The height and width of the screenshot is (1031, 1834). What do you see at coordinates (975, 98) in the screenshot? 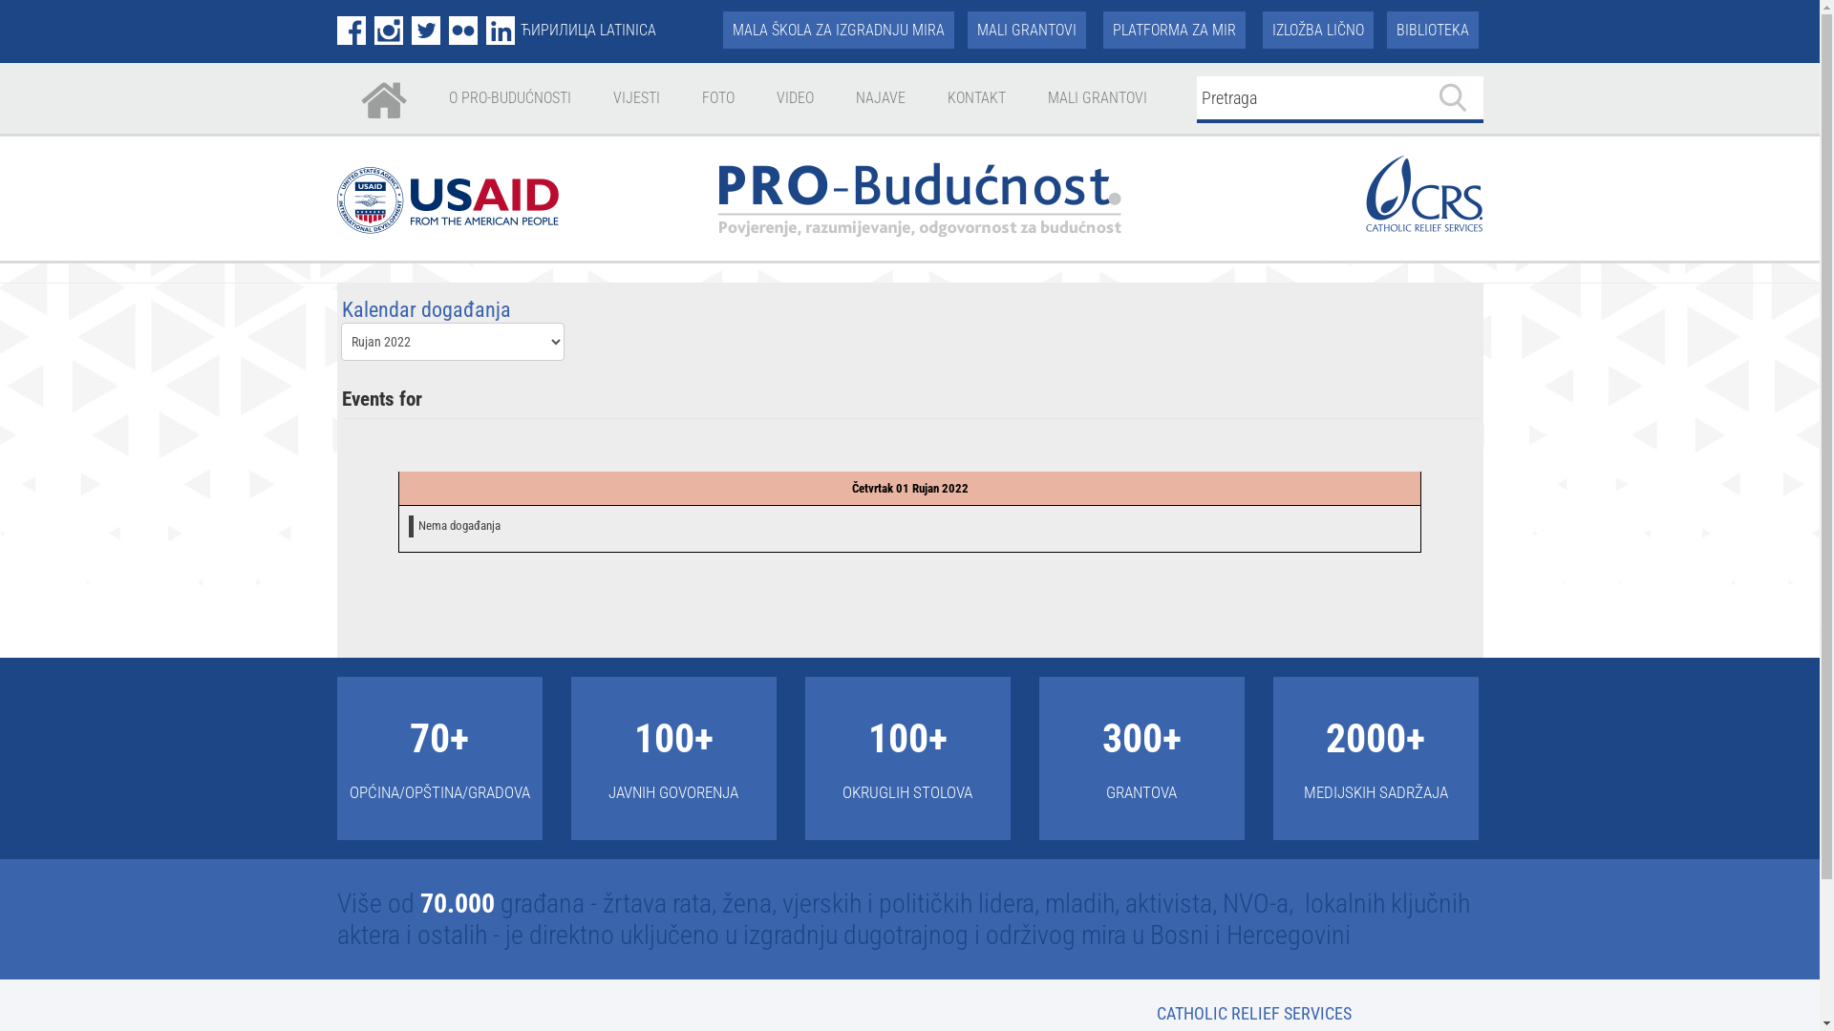
I see `'KONTAKT'` at bounding box center [975, 98].